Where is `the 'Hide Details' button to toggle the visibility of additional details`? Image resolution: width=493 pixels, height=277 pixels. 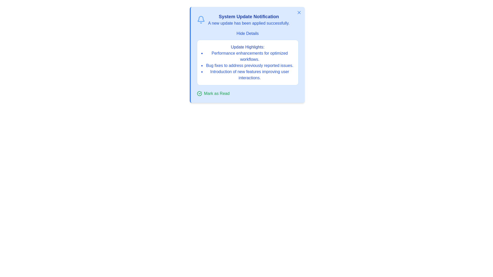
the 'Hide Details' button to toggle the visibility of additional details is located at coordinates (248, 34).